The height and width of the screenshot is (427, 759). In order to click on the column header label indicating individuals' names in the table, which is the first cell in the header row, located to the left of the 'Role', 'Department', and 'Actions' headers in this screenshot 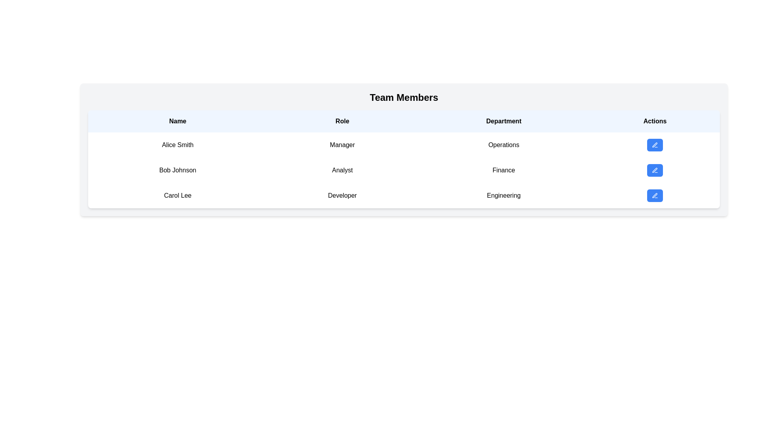, I will do `click(177, 121)`.